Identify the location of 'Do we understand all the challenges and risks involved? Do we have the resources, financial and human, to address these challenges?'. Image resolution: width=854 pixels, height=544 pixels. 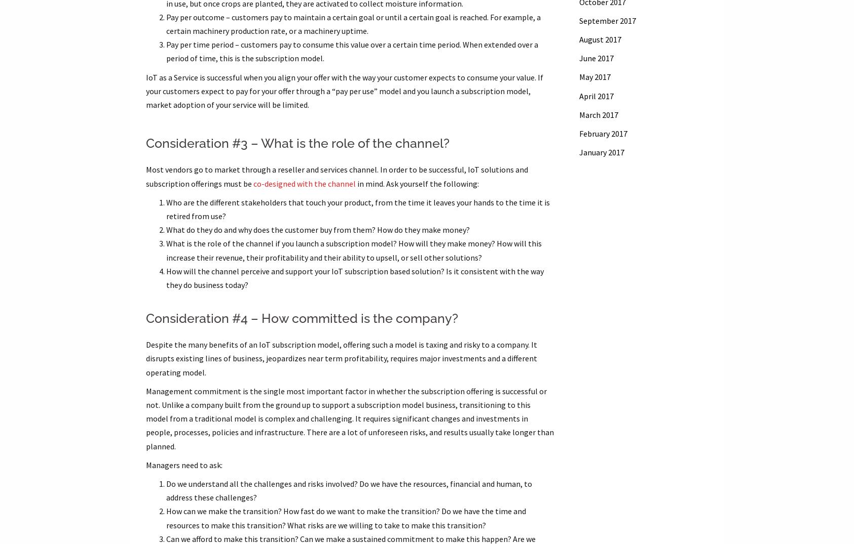
(166, 490).